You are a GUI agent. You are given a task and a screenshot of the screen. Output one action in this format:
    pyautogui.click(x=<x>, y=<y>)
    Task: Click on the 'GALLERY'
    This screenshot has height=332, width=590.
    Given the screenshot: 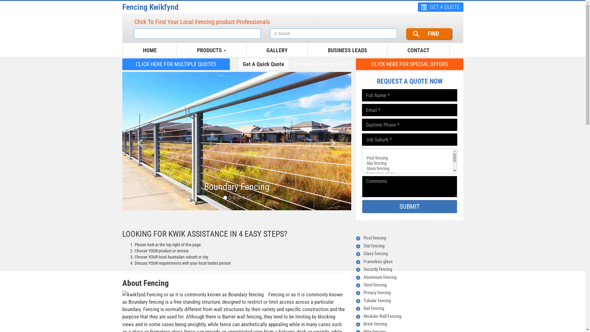 What is the action you would take?
    pyautogui.click(x=277, y=50)
    